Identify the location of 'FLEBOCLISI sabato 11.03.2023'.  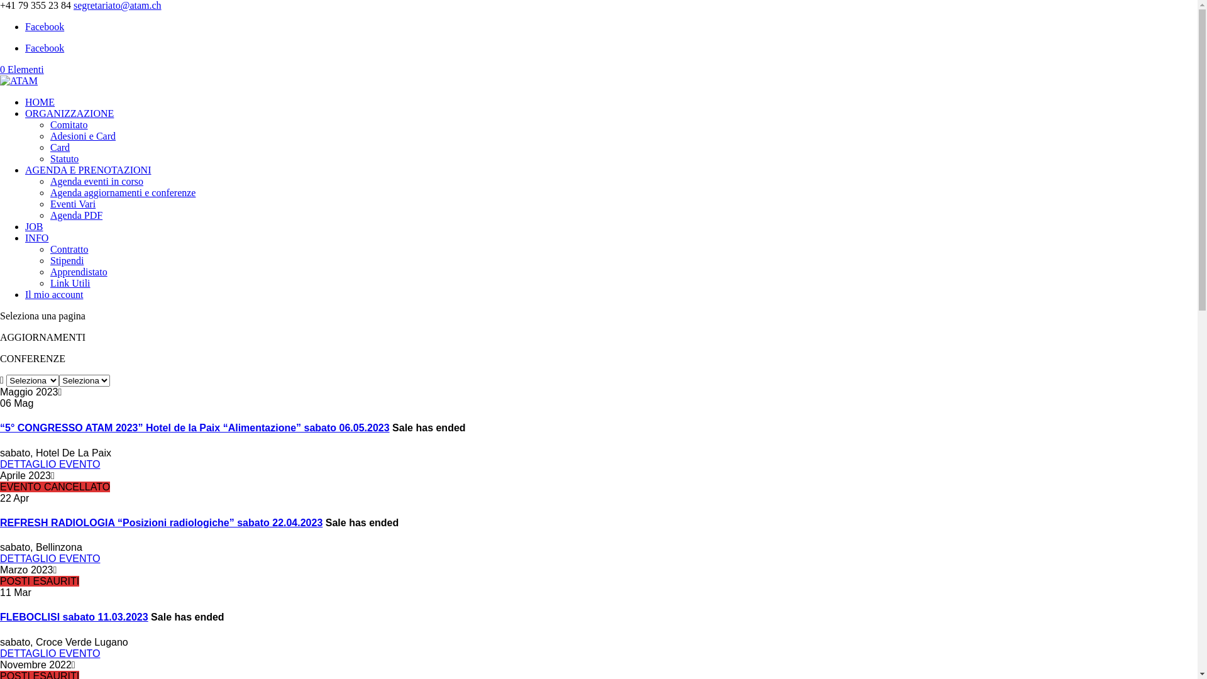
(74, 616).